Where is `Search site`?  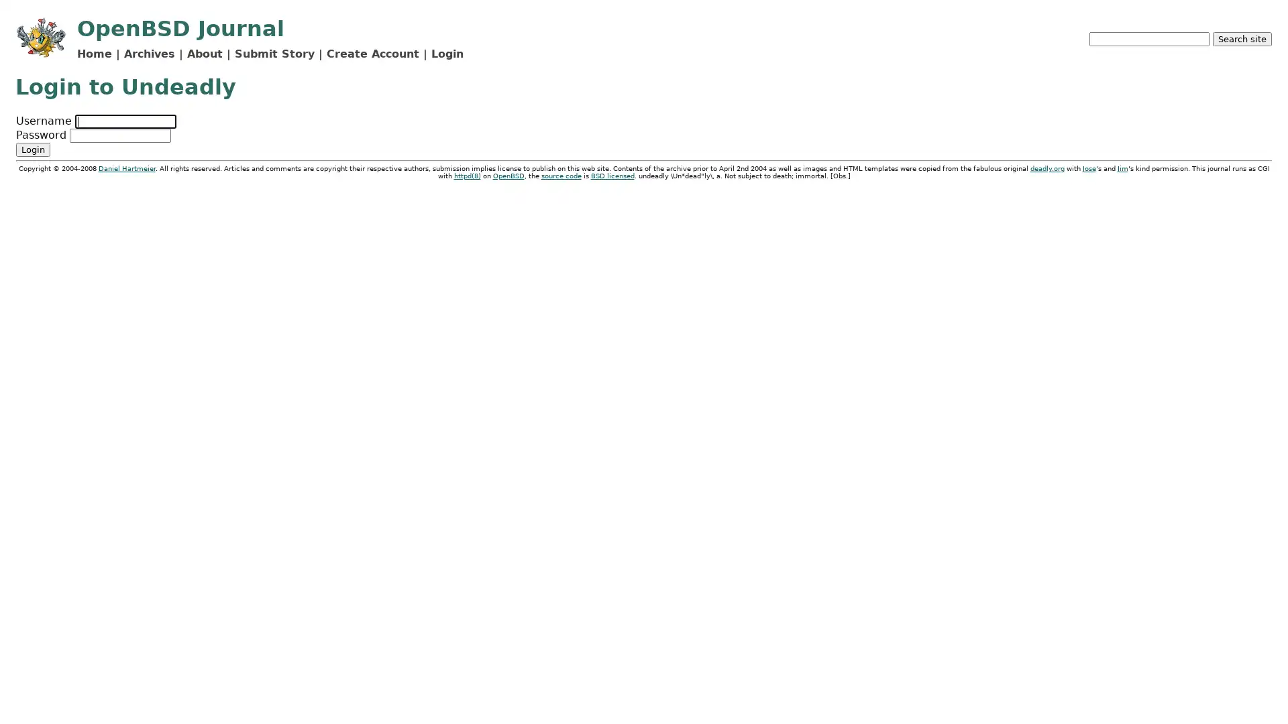
Search site is located at coordinates (1242, 38).